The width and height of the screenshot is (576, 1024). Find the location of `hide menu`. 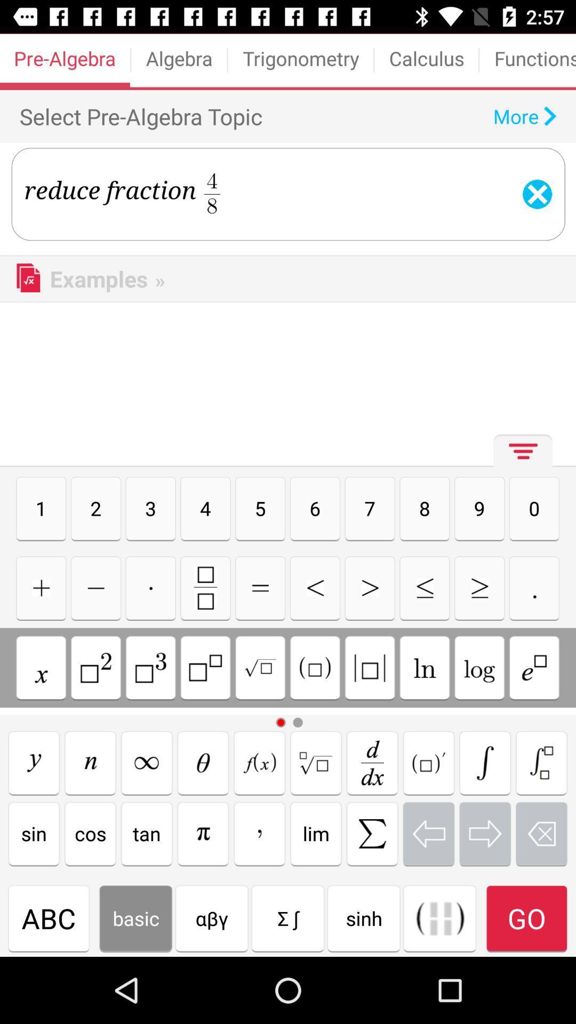

hide menu is located at coordinates (519, 455).